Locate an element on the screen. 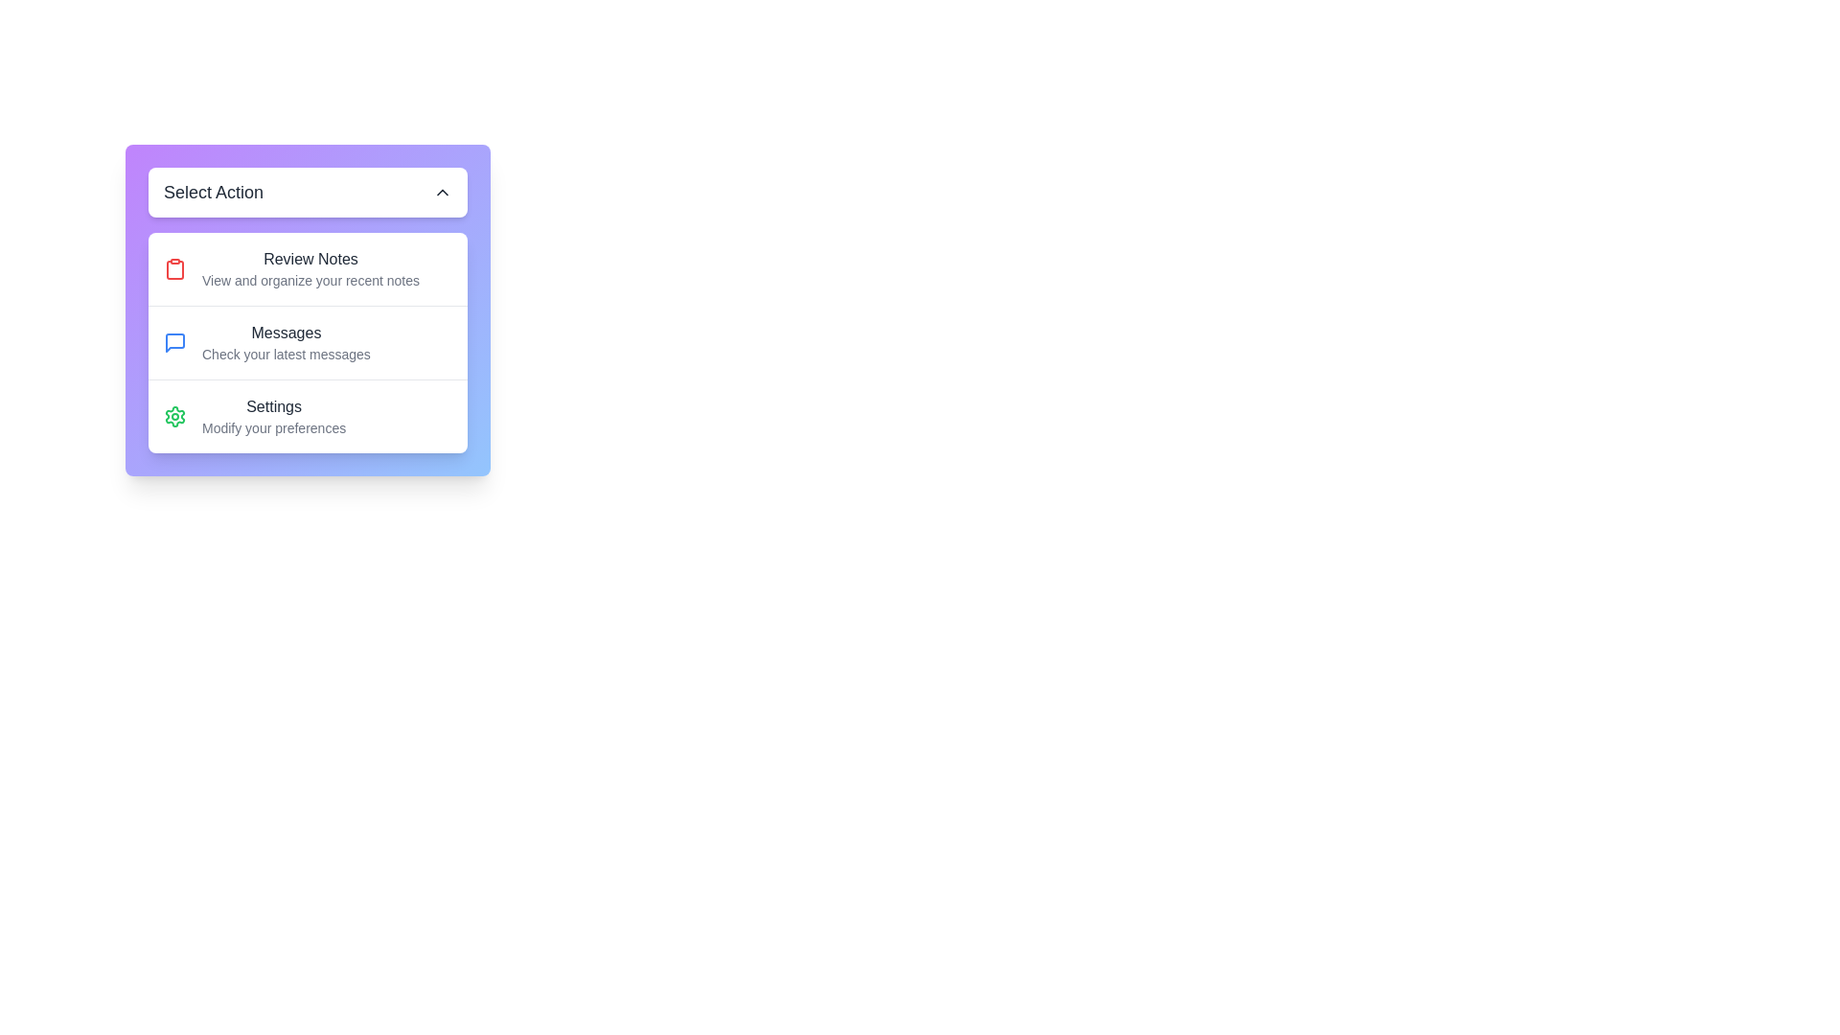  the title 'Settings' in the text block that allows users to modify their preferences, located centrally under the section header in the card interface is located at coordinates (273, 416).